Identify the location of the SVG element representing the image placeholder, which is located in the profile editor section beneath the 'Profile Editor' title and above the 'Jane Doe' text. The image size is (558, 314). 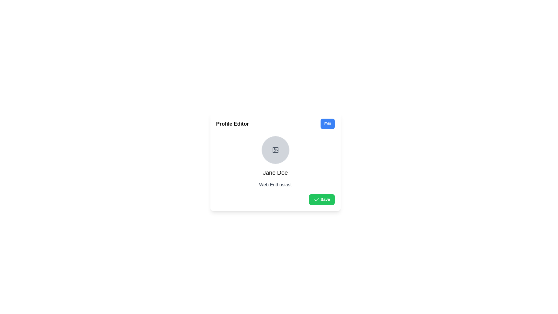
(275, 150).